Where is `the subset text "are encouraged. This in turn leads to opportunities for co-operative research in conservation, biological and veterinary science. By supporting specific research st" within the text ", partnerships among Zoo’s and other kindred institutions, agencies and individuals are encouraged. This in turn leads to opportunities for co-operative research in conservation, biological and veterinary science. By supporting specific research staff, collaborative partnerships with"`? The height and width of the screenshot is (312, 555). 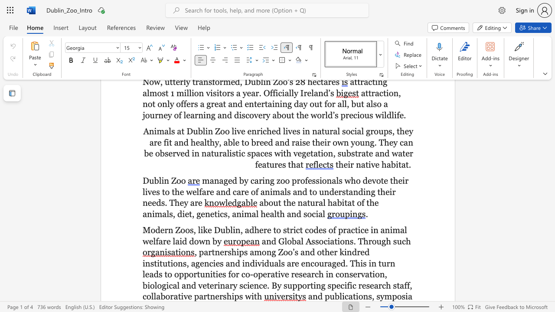 the subset text "are encouraged. This in turn leads to opportunities for co-operative research in conservation, biological and veterinary science. By supporting specific research st" within the text ", partnerships among Zoo’s and other kindred institutions, agencies and individuals are encouraged. This in turn leads to opportunities for co-operative research in conservation, biological and veterinary science. By supporting specific research staff, collaborative partnerships with" is located at coordinates (287, 263).